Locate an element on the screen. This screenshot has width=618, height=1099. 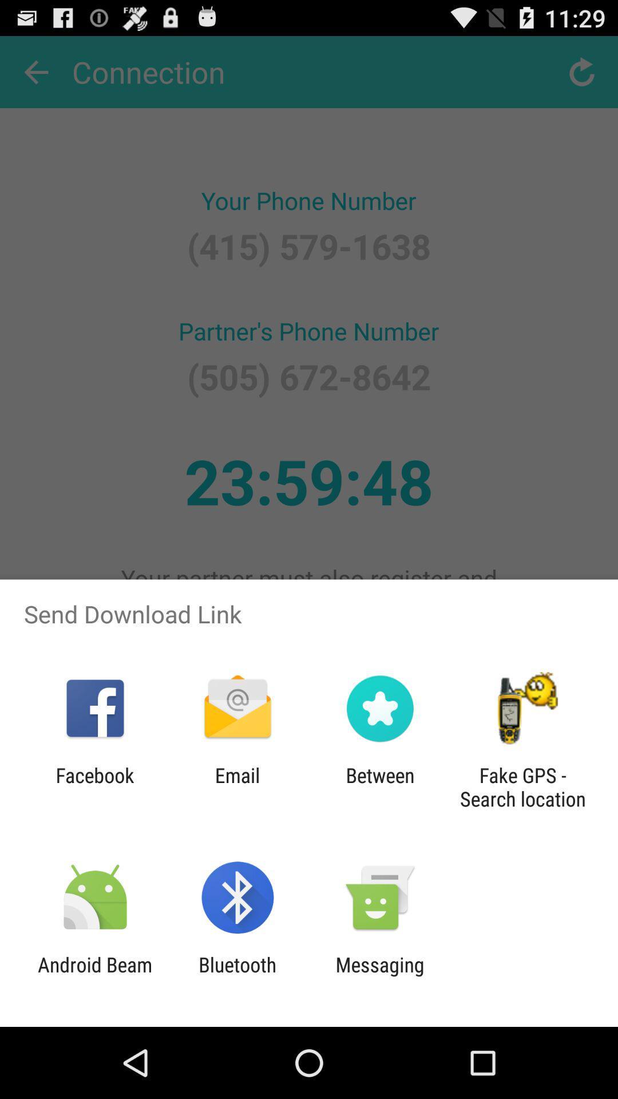
app to the right of email icon is located at coordinates (380, 786).